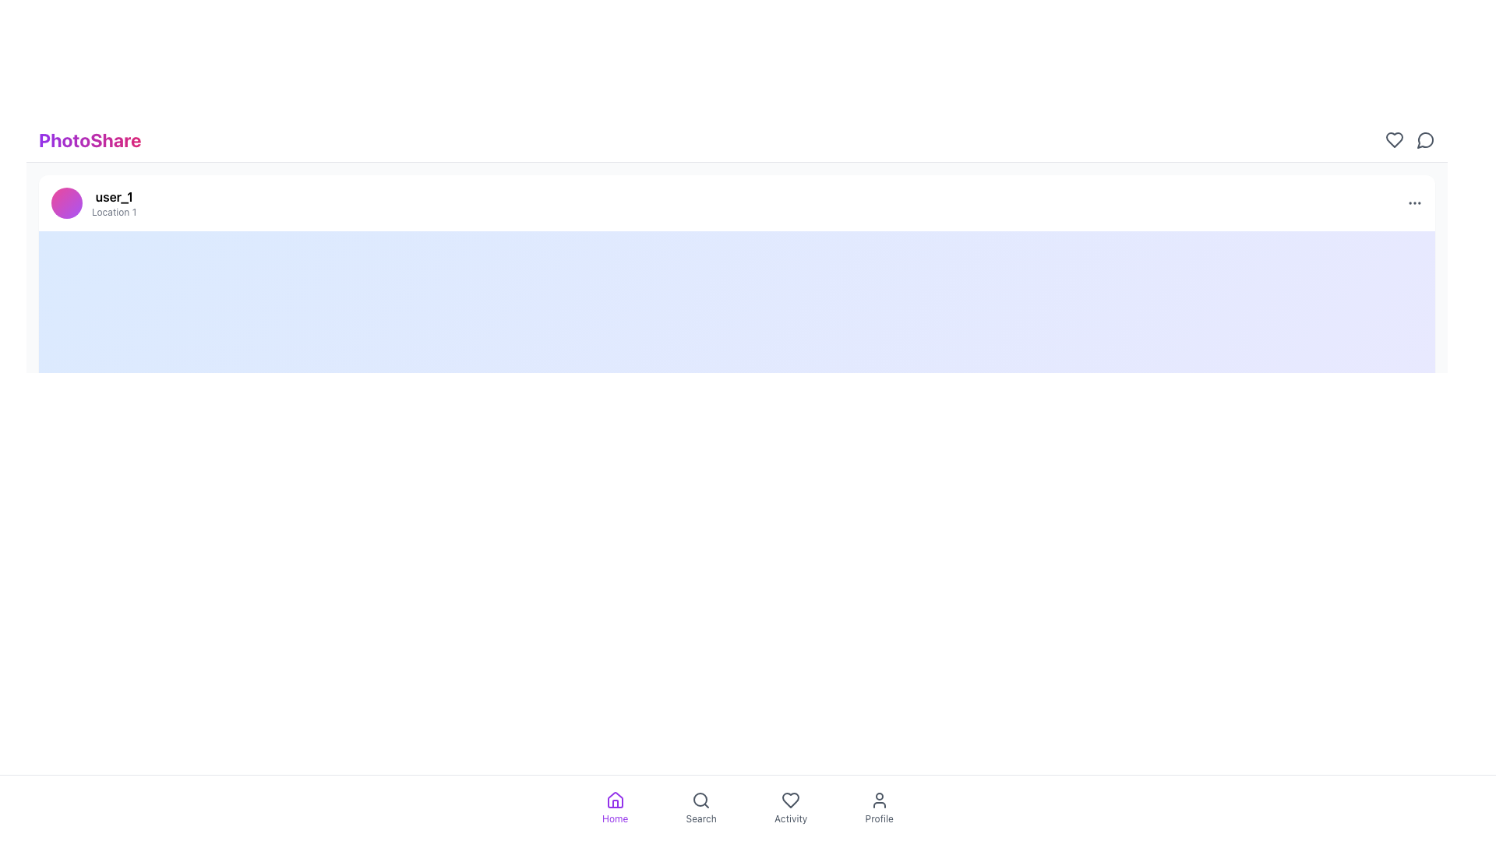 The width and height of the screenshot is (1496, 841). Describe the element at coordinates (700, 801) in the screenshot. I see `the search icon located on the bottom navigation bar, which is the second icon from the left` at that location.